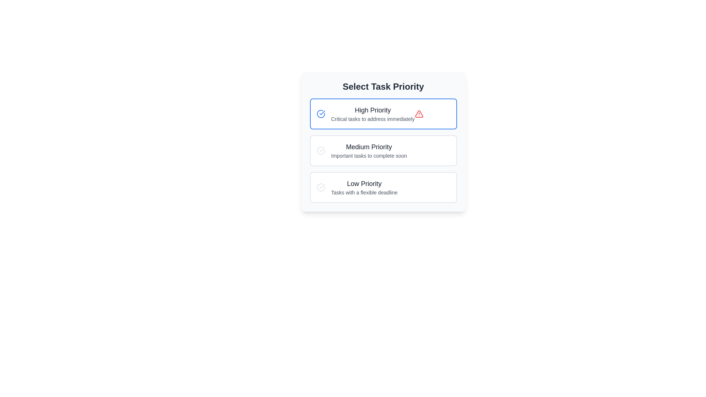 This screenshot has height=397, width=706. I want to click on the checkmark icon within the high priority selection icon, which signifies completion or verification, located to the left of the 'High Priority' label in the 'Select Task Priority' section, so click(322, 113).